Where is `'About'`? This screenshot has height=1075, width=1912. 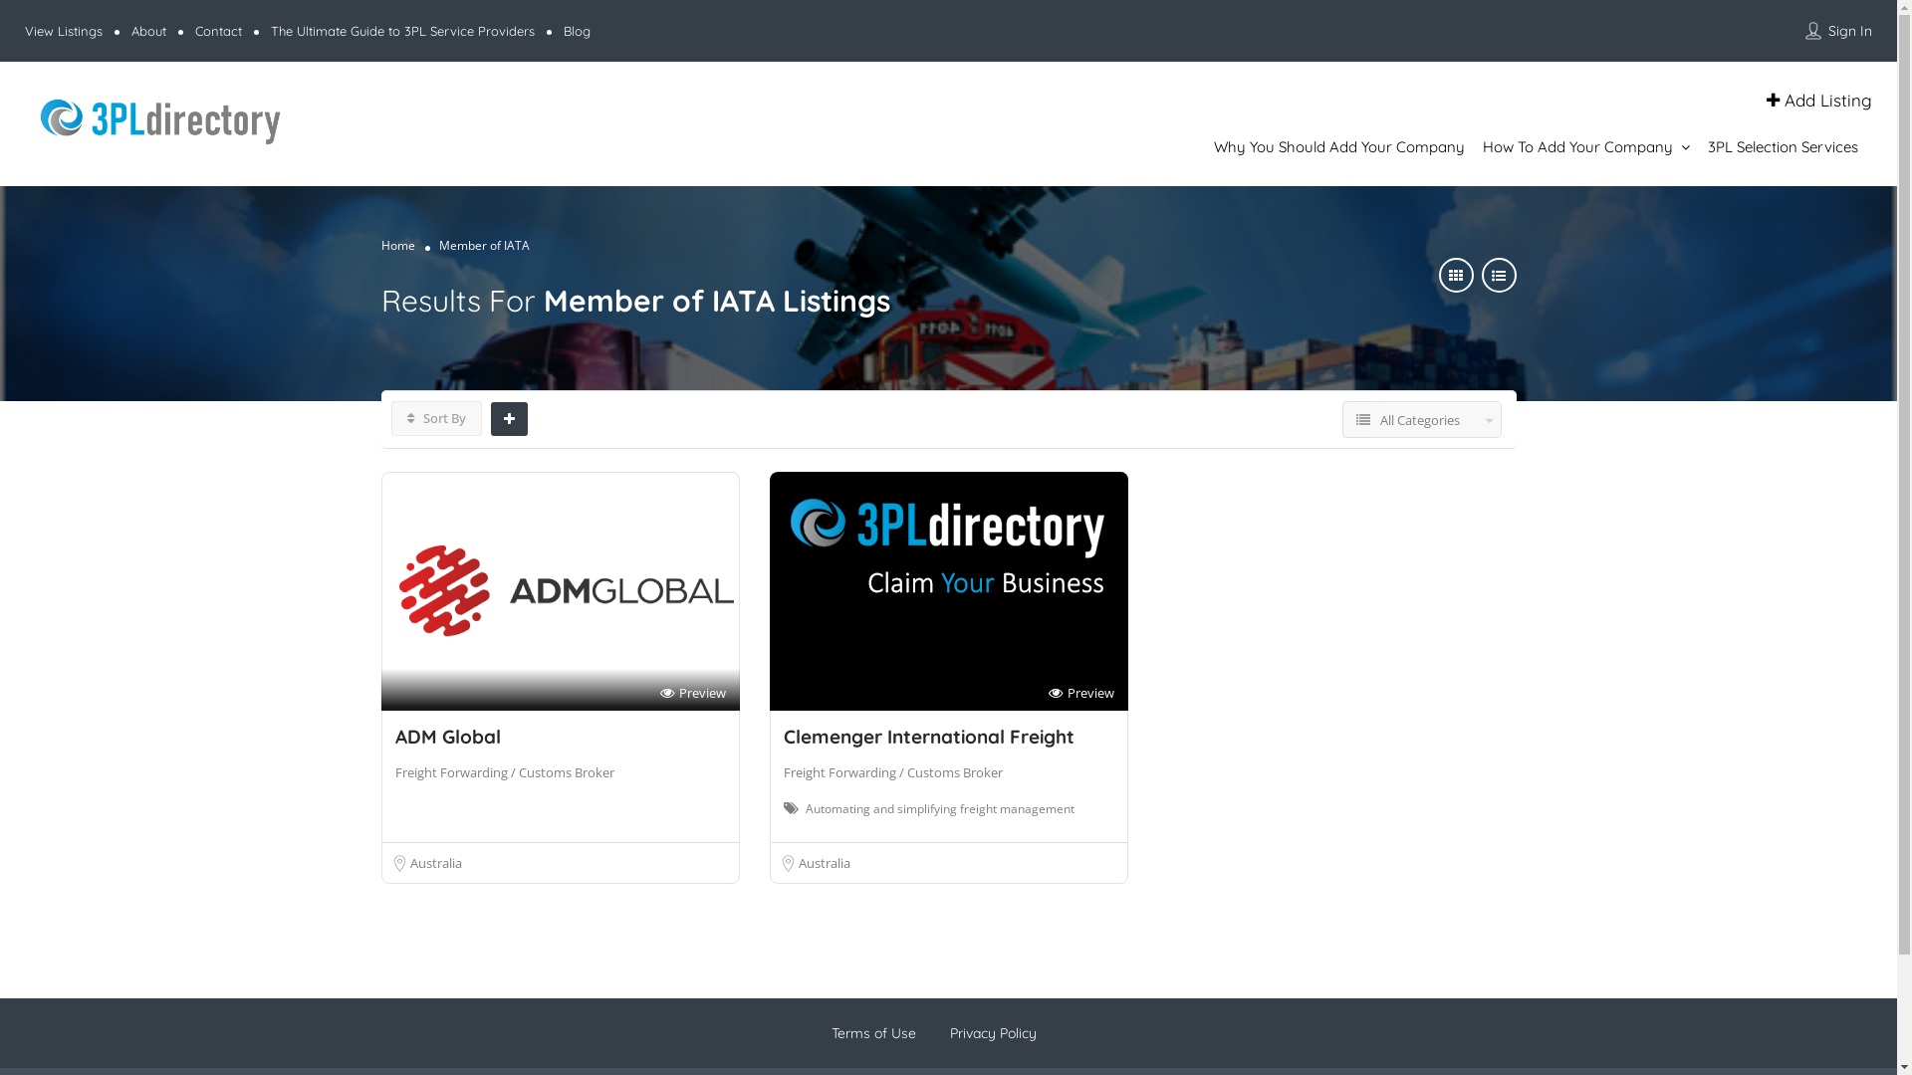
'About' is located at coordinates (147, 30).